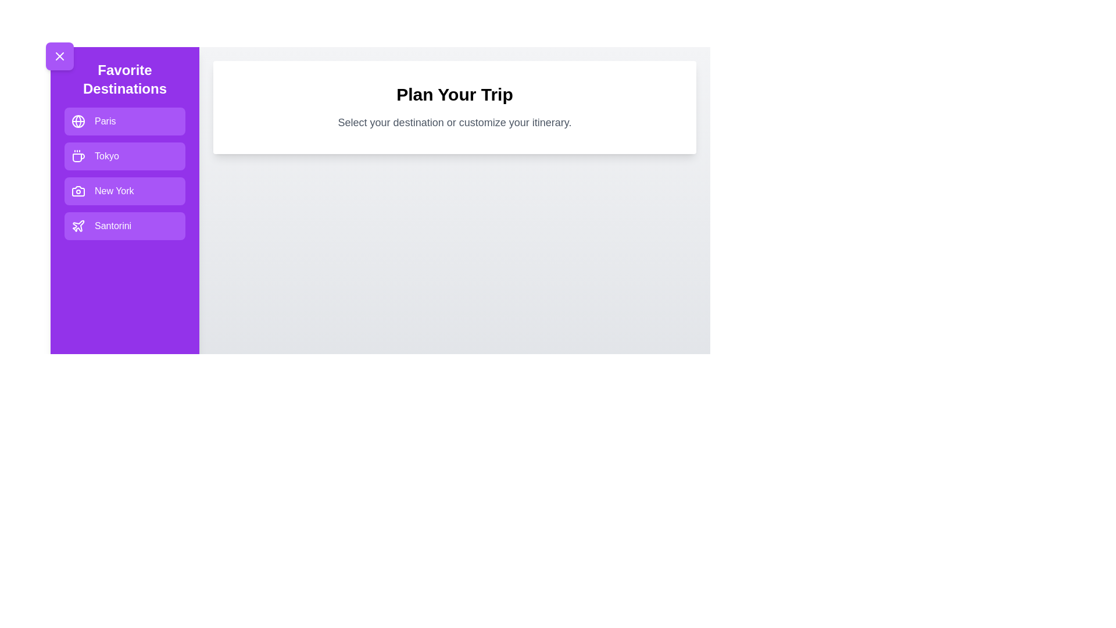 This screenshot has width=1116, height=628. I want to click on the destination Santorini in the sidebar, so click(125, 226).